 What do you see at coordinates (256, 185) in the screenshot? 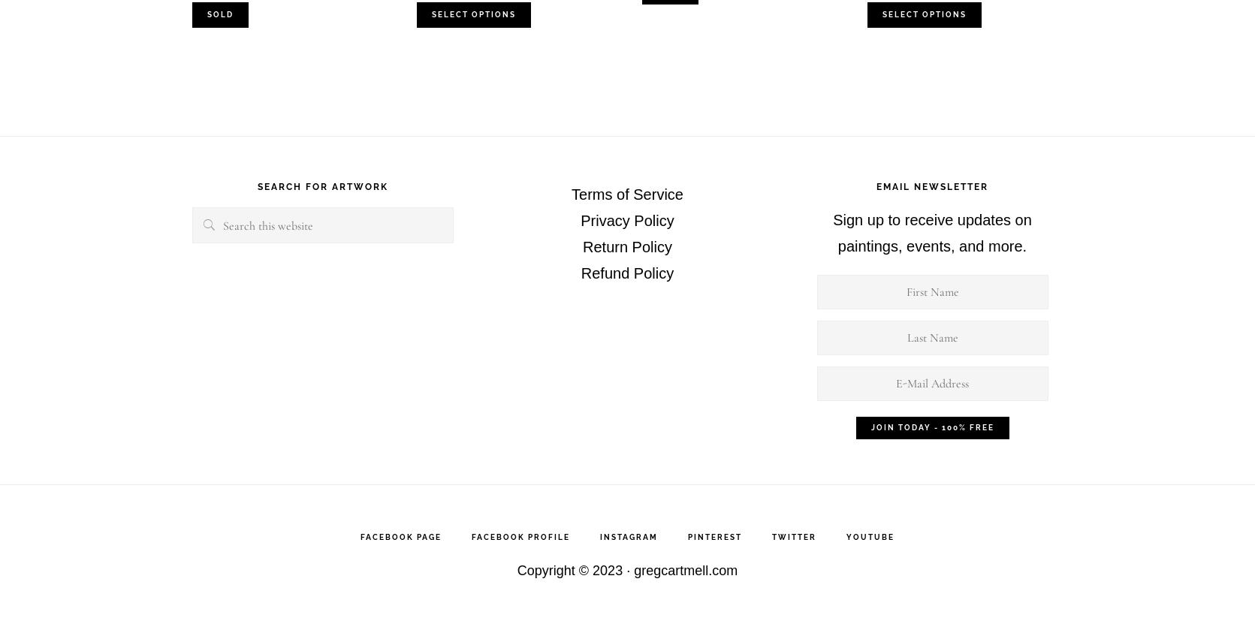
I see `'Search For Artwork'` at bounding box center [256, 185].